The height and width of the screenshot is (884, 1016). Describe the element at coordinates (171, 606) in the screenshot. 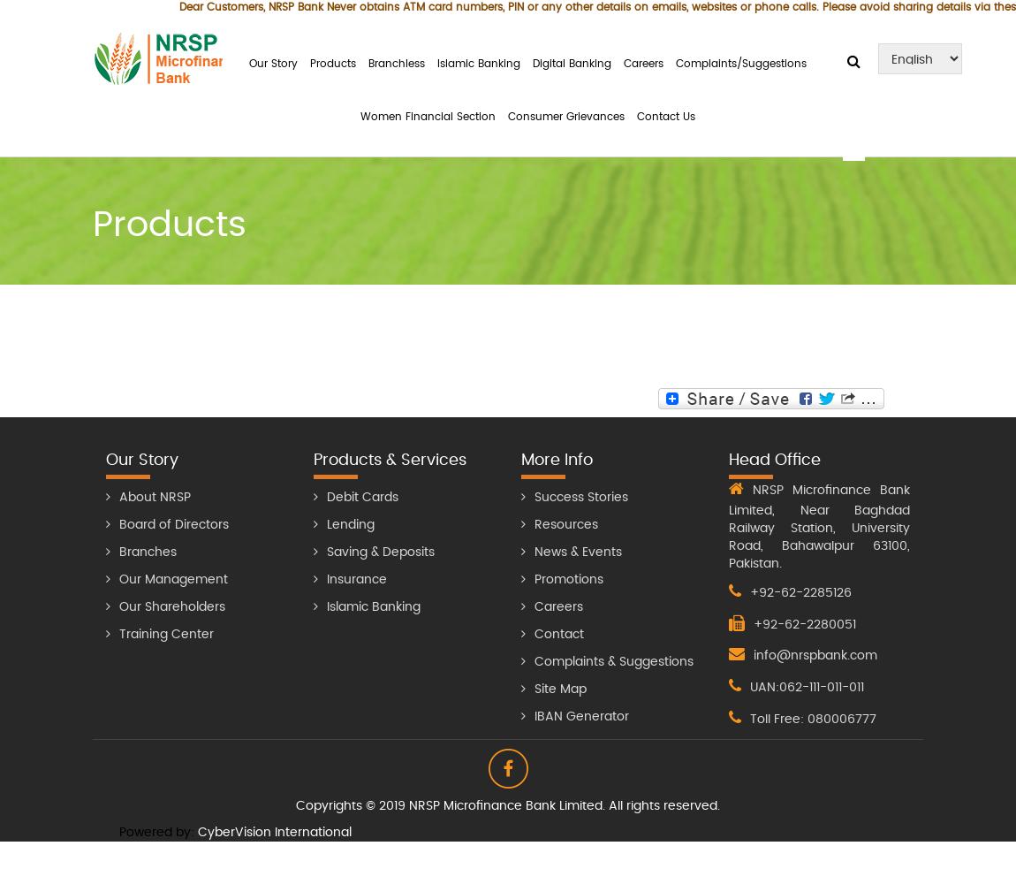

I see `'Our Shareholders'` at that location.